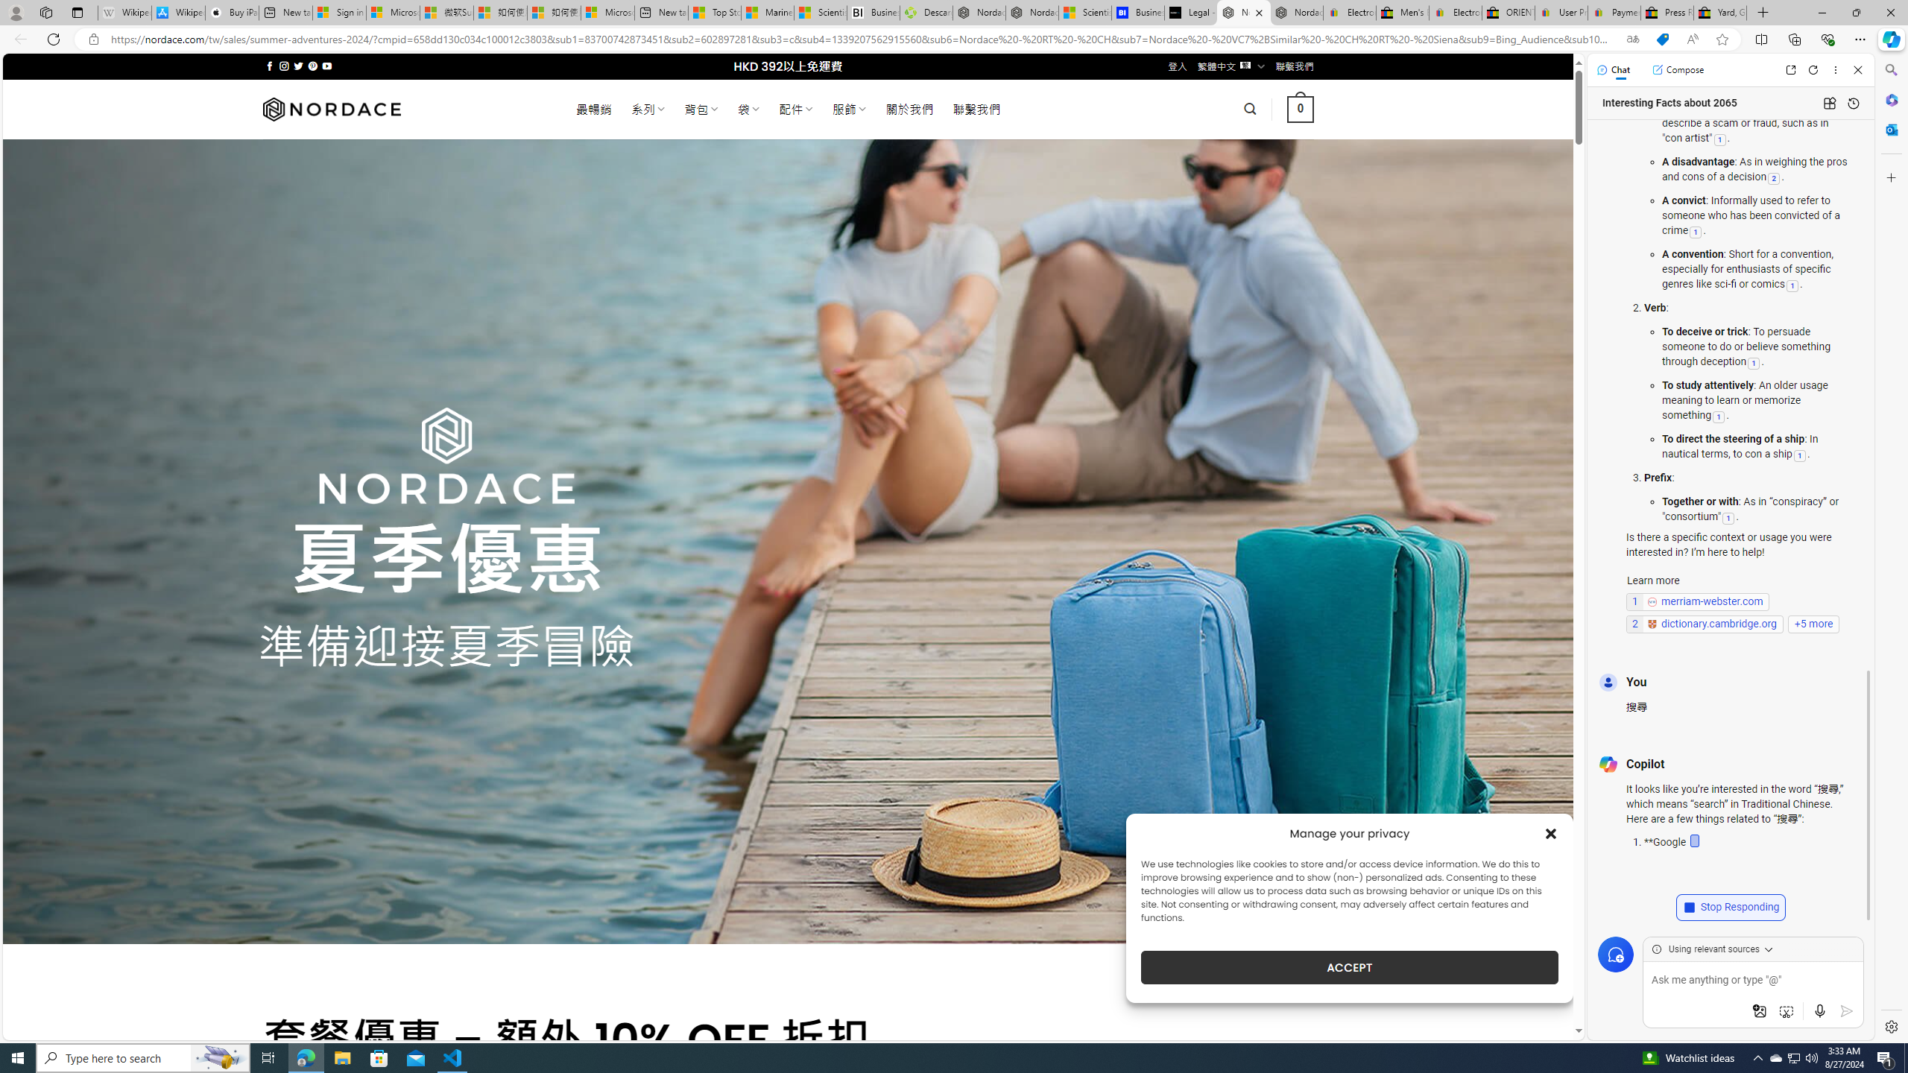 The width and height of the screenshot is (1908, 1073). What do you see at coordinates (1889, 69) in the screenshot?
I see `'Minimize Search pane'` at bounding box center [1889, 69].